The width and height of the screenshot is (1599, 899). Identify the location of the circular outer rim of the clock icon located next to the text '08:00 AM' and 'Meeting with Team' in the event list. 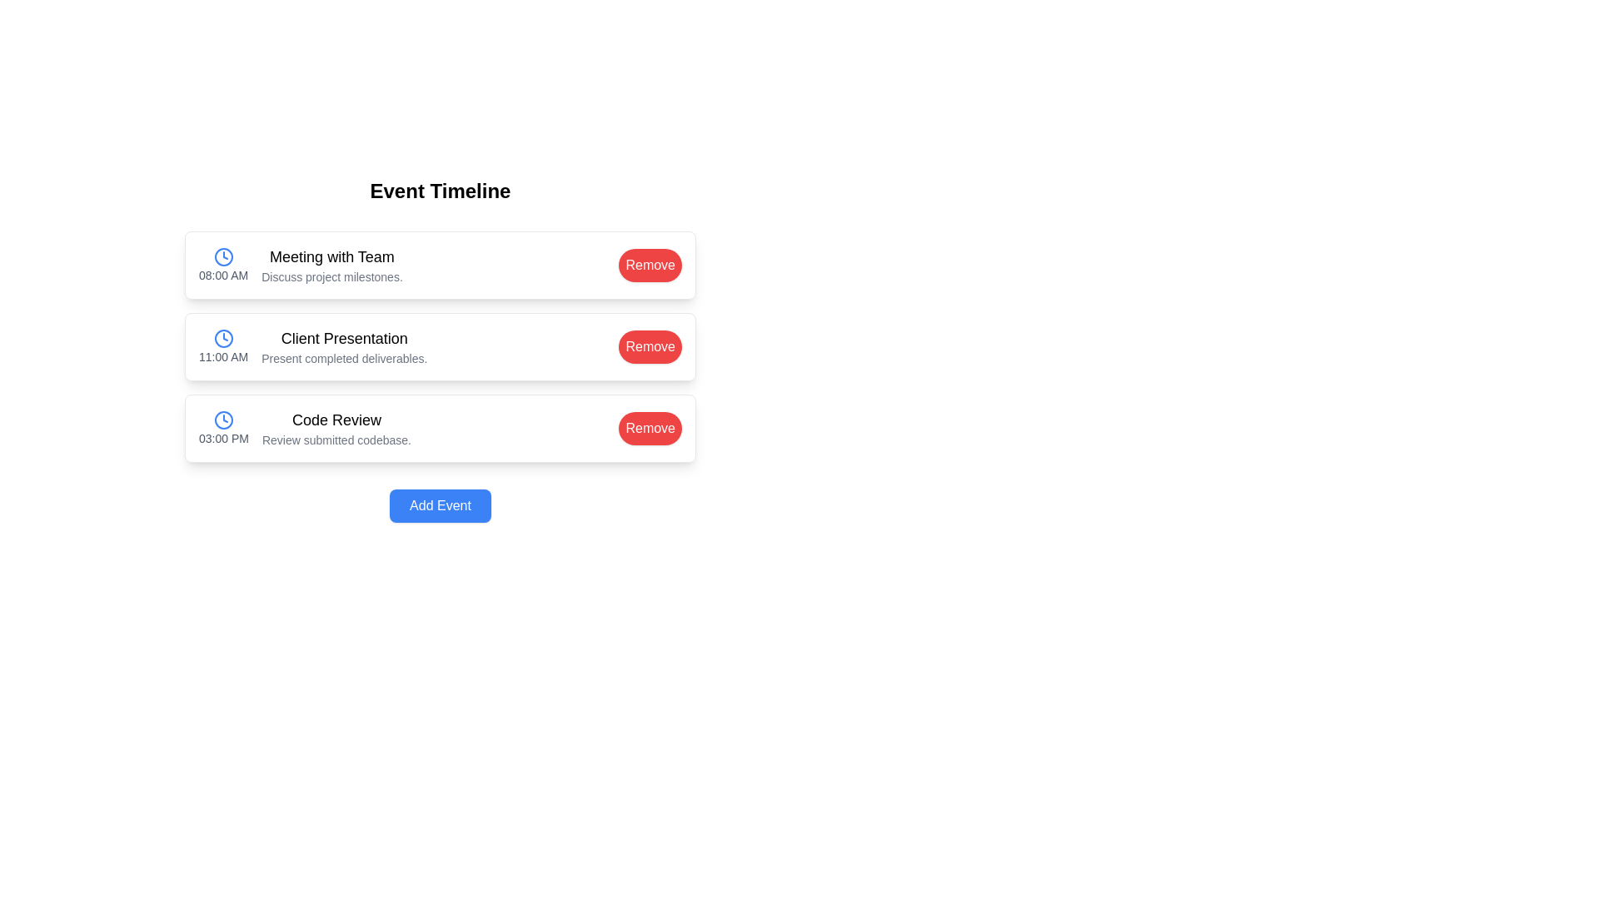
(222, 256).